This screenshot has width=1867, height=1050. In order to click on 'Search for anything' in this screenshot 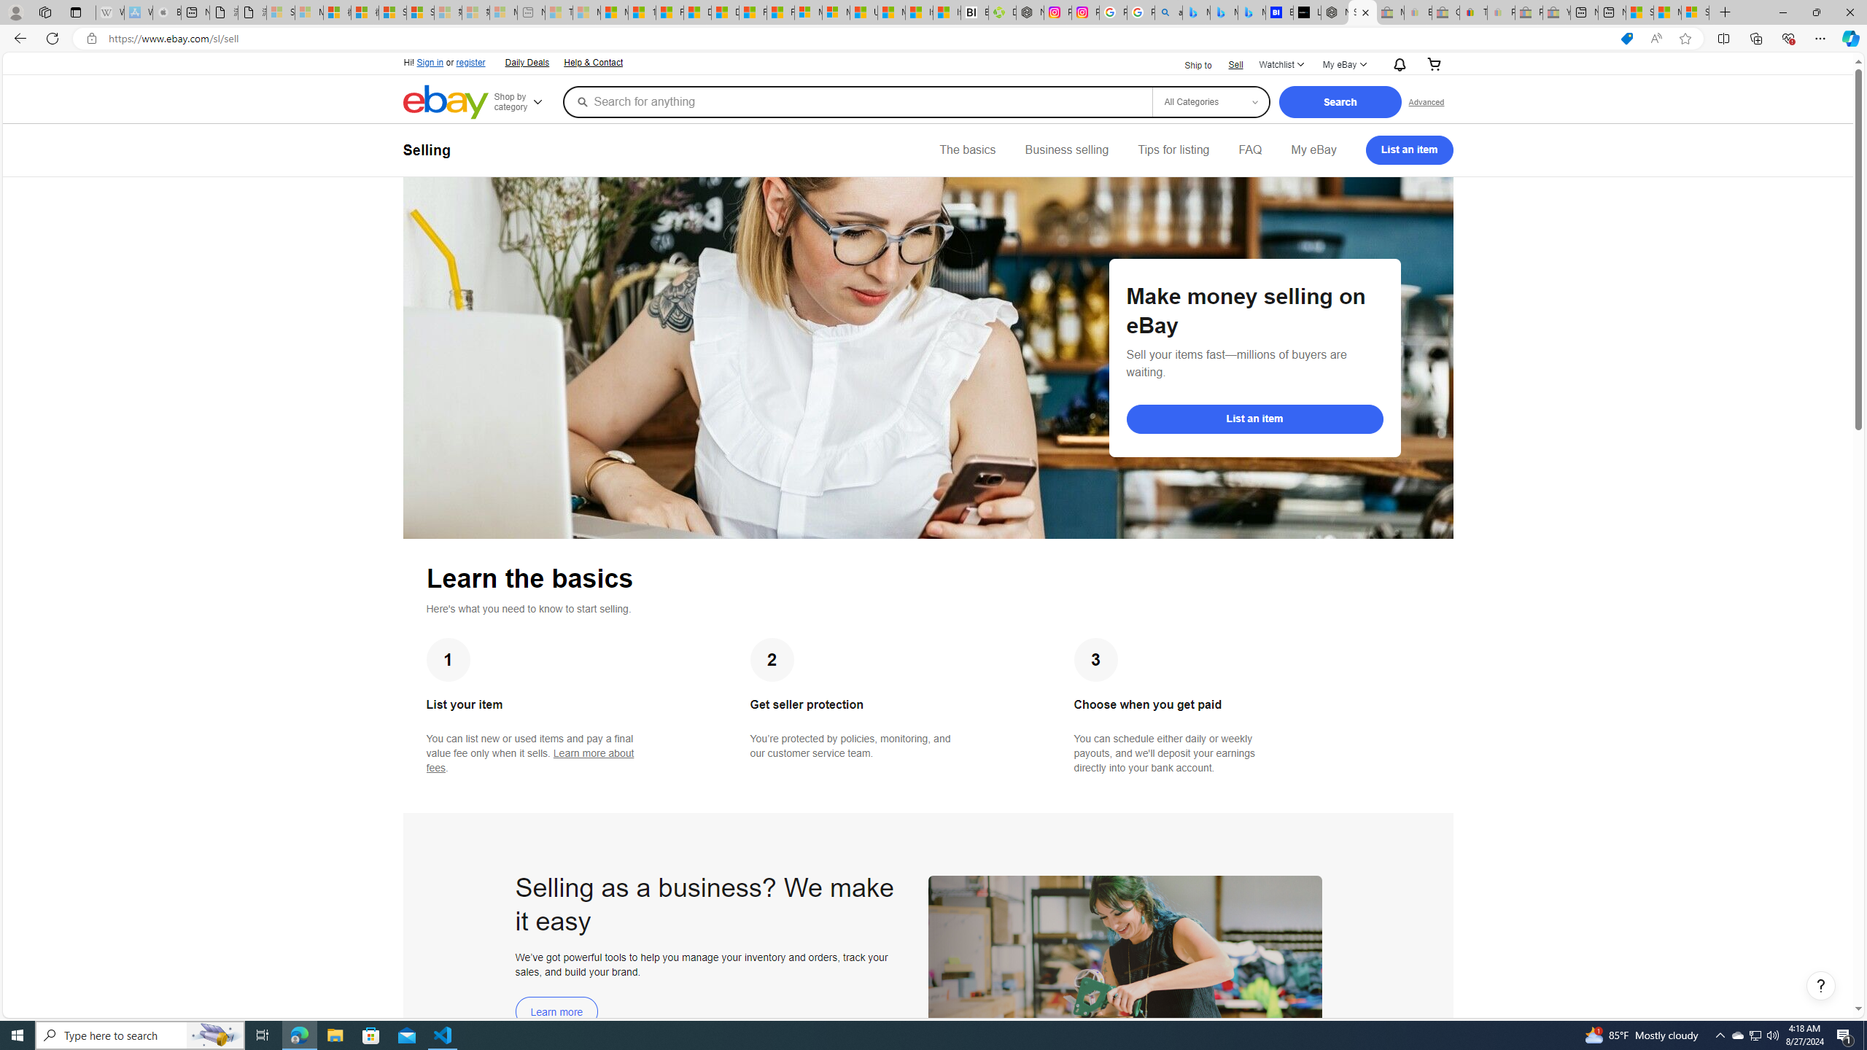, I will do `click(856, 101)`.